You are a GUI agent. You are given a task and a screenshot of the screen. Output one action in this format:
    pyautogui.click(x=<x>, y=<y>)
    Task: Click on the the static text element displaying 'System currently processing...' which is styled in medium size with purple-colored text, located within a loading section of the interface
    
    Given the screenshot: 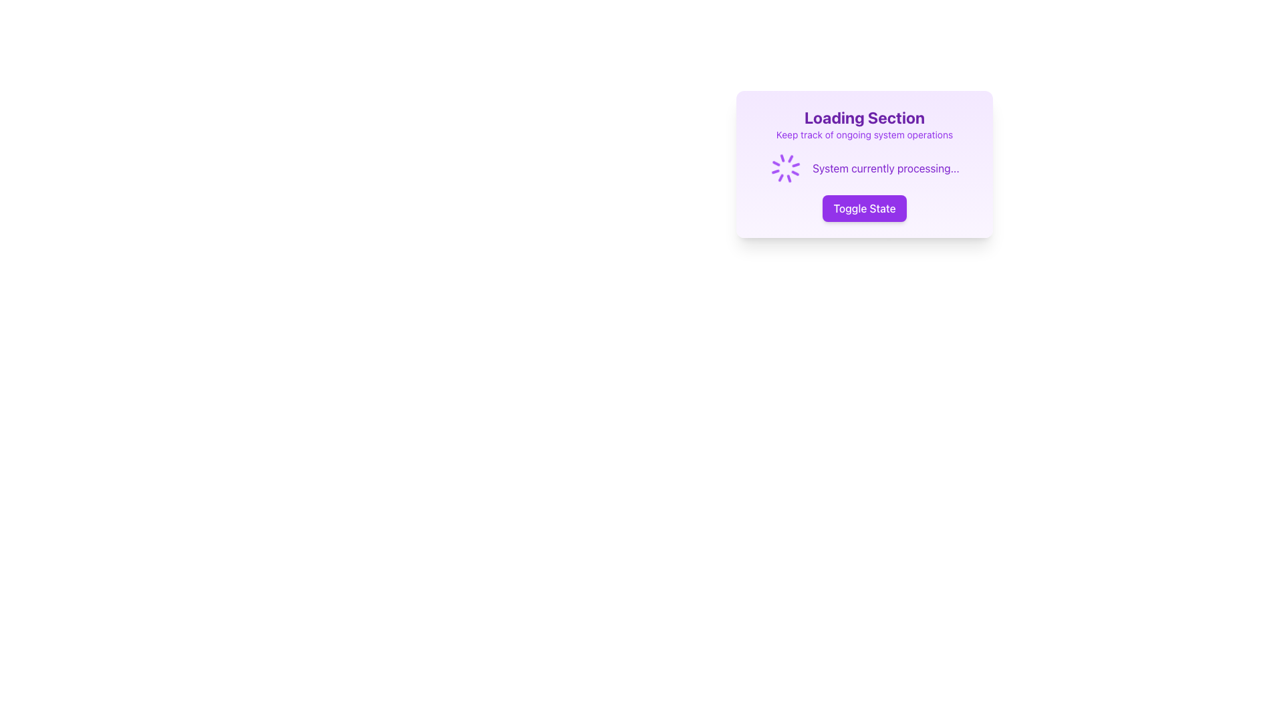 What is the action you would take?
    pyautogui.click(x=885, y=167)
    